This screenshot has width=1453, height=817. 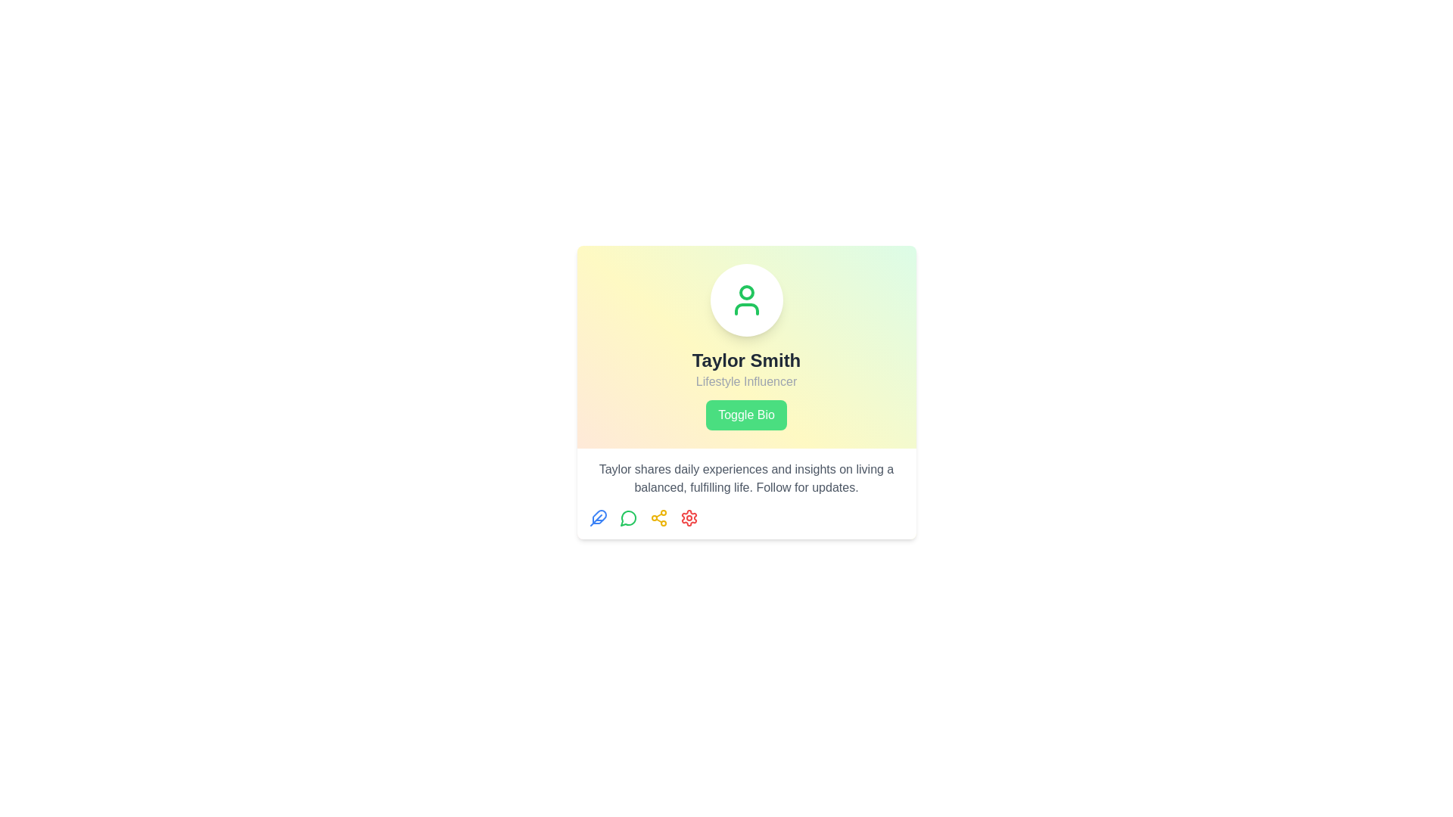 I want to click on the text label representing a user profile, positioned below the avatar icon and above the text 'Lifestyle Influencer', for copying, so click(x=746, y=361).